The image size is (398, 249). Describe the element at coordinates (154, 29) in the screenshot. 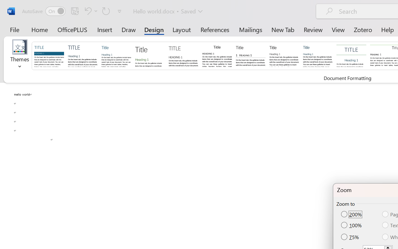

I see `'Design'` at that location.